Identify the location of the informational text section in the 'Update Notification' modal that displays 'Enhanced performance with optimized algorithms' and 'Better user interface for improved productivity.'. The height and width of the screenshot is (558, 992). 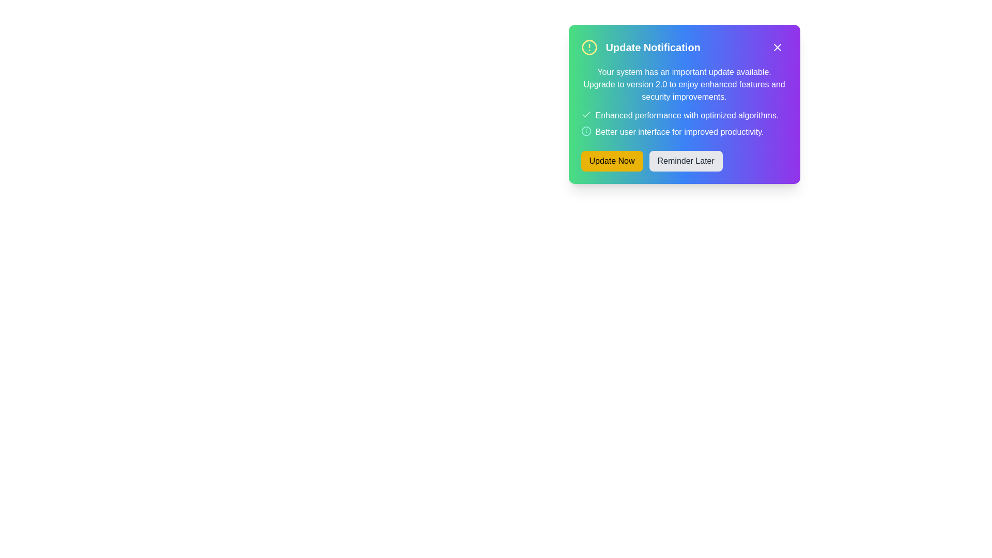
(684, 123).